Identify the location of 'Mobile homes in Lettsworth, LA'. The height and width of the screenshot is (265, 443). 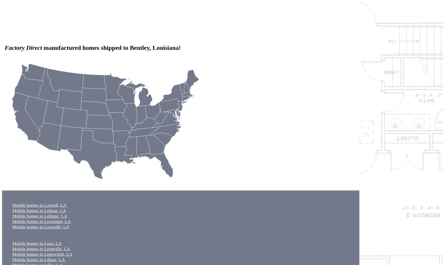
(42, 253).